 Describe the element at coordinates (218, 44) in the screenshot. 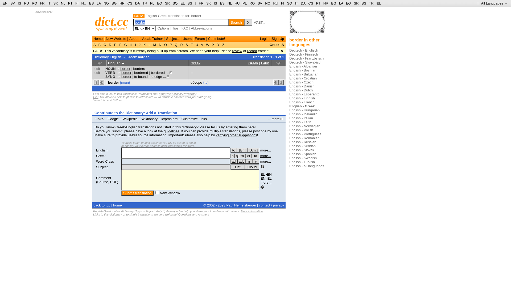

I see `'Y'` at that location.